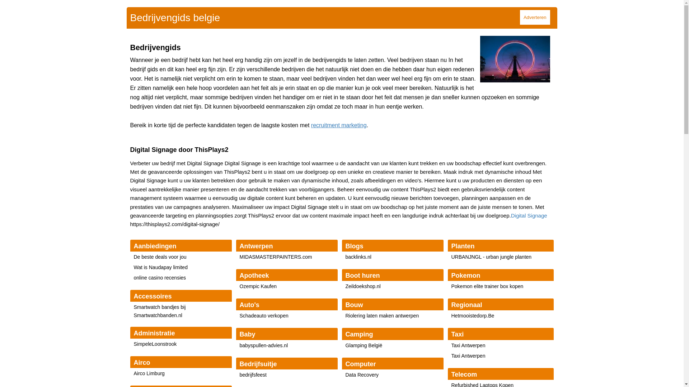 The image size is (689, 387). Describe the element at coordinates (511, 215) in the screenshot. I see `'Digital Signage'` at that location.